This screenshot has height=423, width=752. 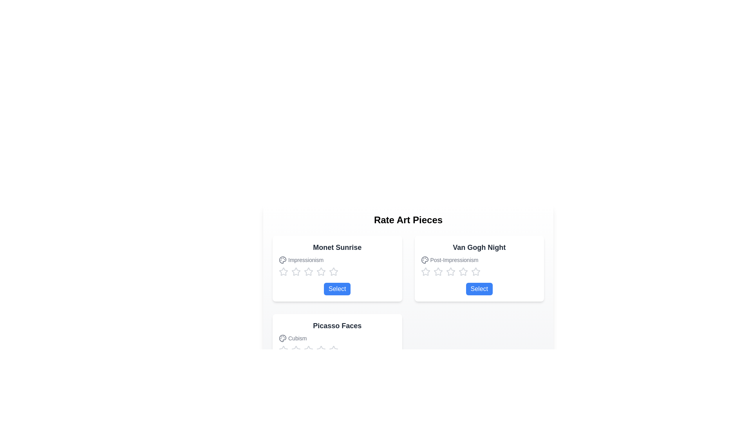 What do you see at coordinates (463, 271) in the screenshot?
I see `the second star icon from the left under the 'Van Gogh Night' artwork` at bounding box center [463, 271].